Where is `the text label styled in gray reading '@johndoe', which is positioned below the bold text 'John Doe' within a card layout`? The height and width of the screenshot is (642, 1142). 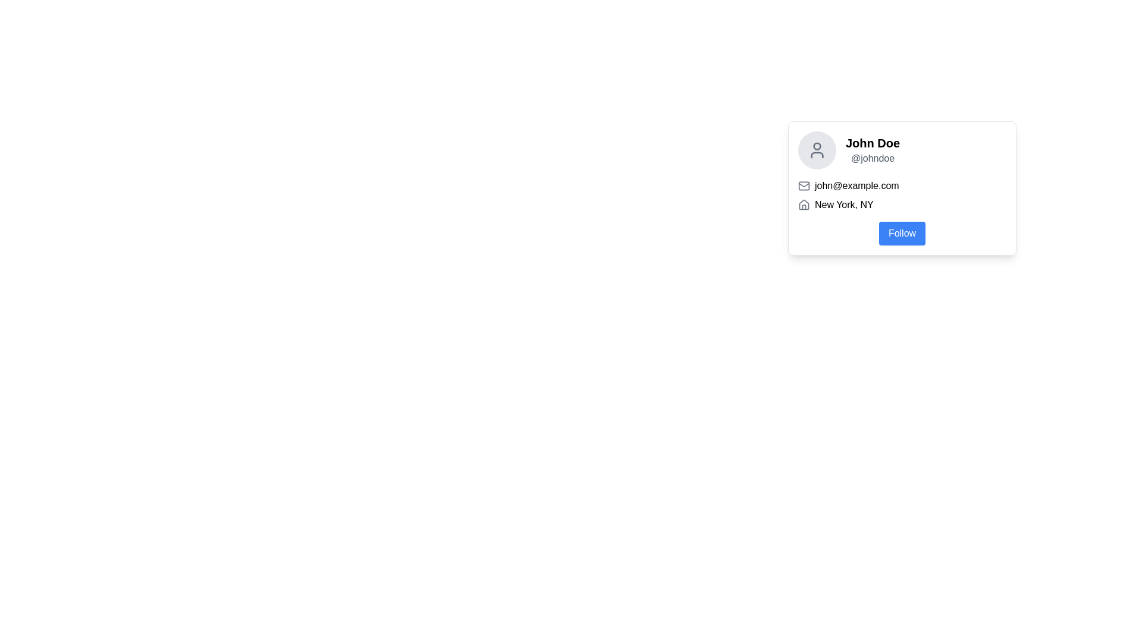
the text label styled in gray reading '@johndoe', which is positioned below the bold text 'John Doe' within a card layout is located at coordinates (873, 158).